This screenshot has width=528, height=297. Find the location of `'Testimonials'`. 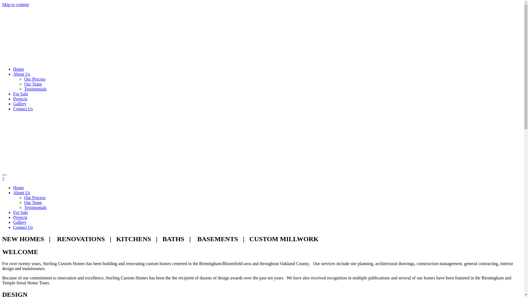

'Testimonials' is located at coordinates (35, 89).